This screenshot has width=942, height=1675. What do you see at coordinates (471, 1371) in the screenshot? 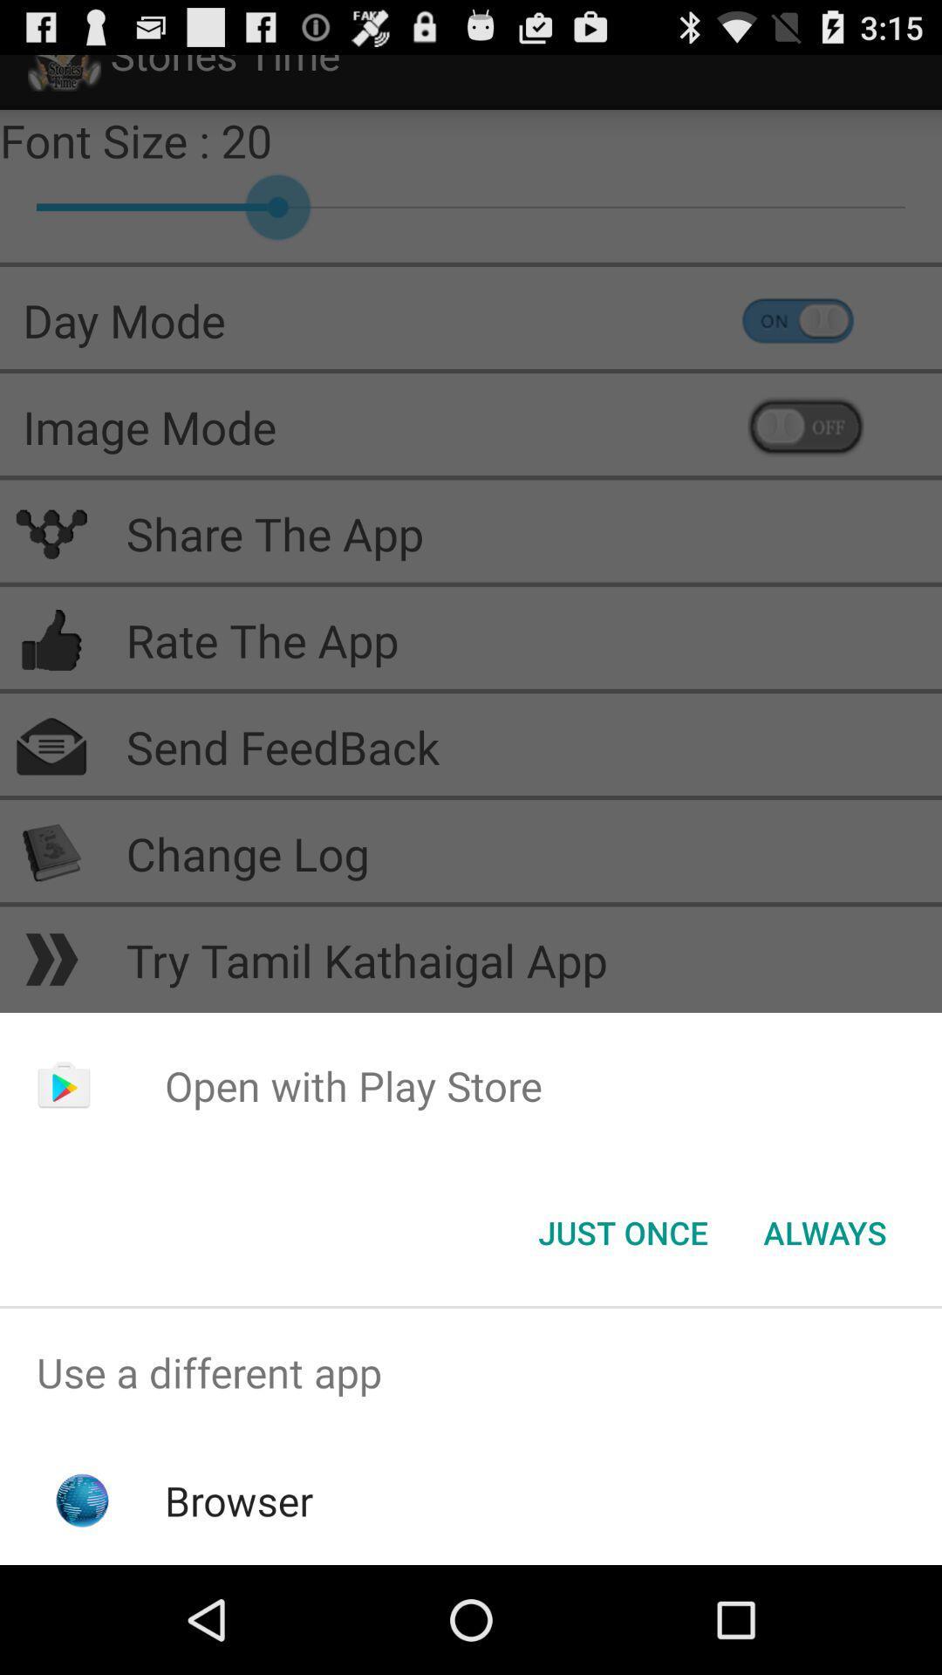
I see `the use a different item` at bounding box center [471, 1371].